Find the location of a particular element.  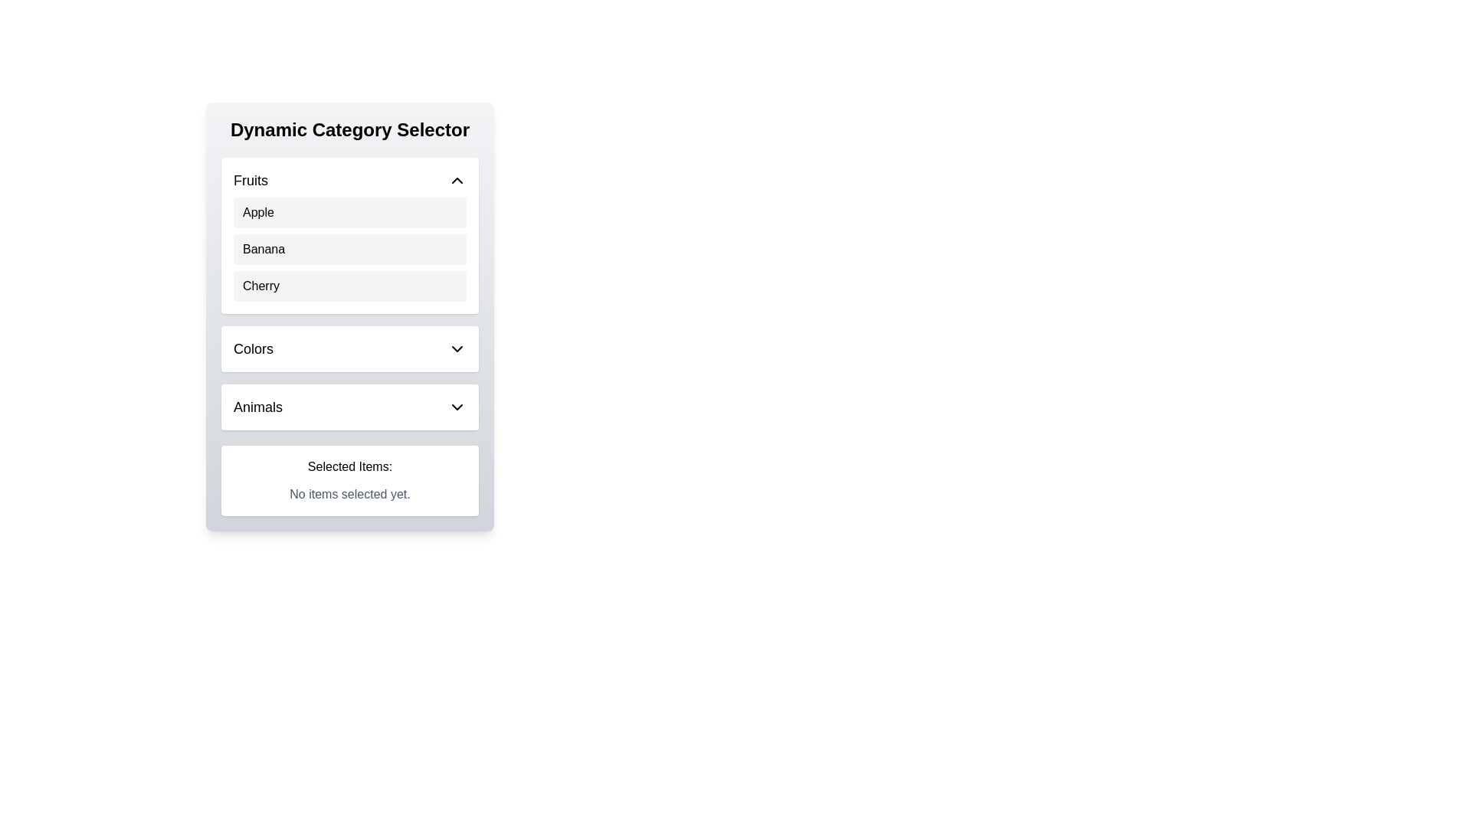

the selectable list item labeled 'Banana' within the 'Fruits' category is located at coordinates (349, 236).